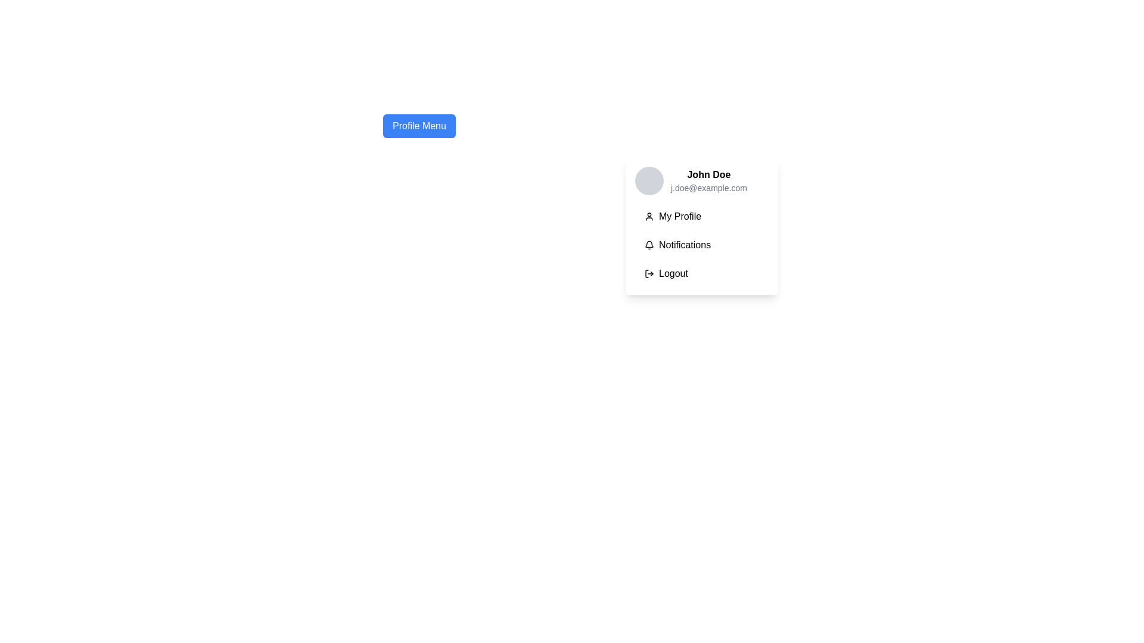  Describe the element at coordinates (701, 226) in the screenshot. I see `the first button in the dropdown menu directly below the user profile section` at that location.